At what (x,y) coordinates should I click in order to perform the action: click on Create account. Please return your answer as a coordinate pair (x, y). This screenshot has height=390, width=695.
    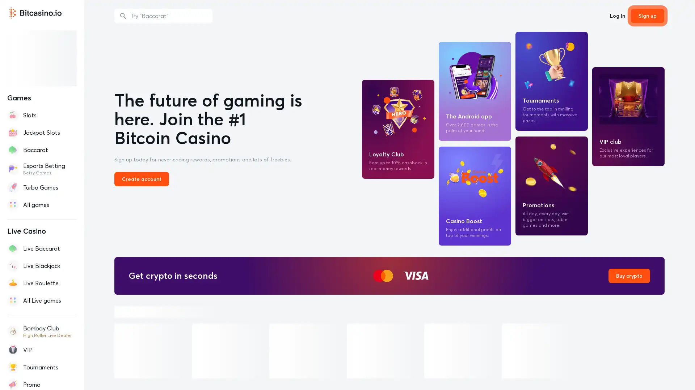
    Looking at the image, I should click on (142, 179).